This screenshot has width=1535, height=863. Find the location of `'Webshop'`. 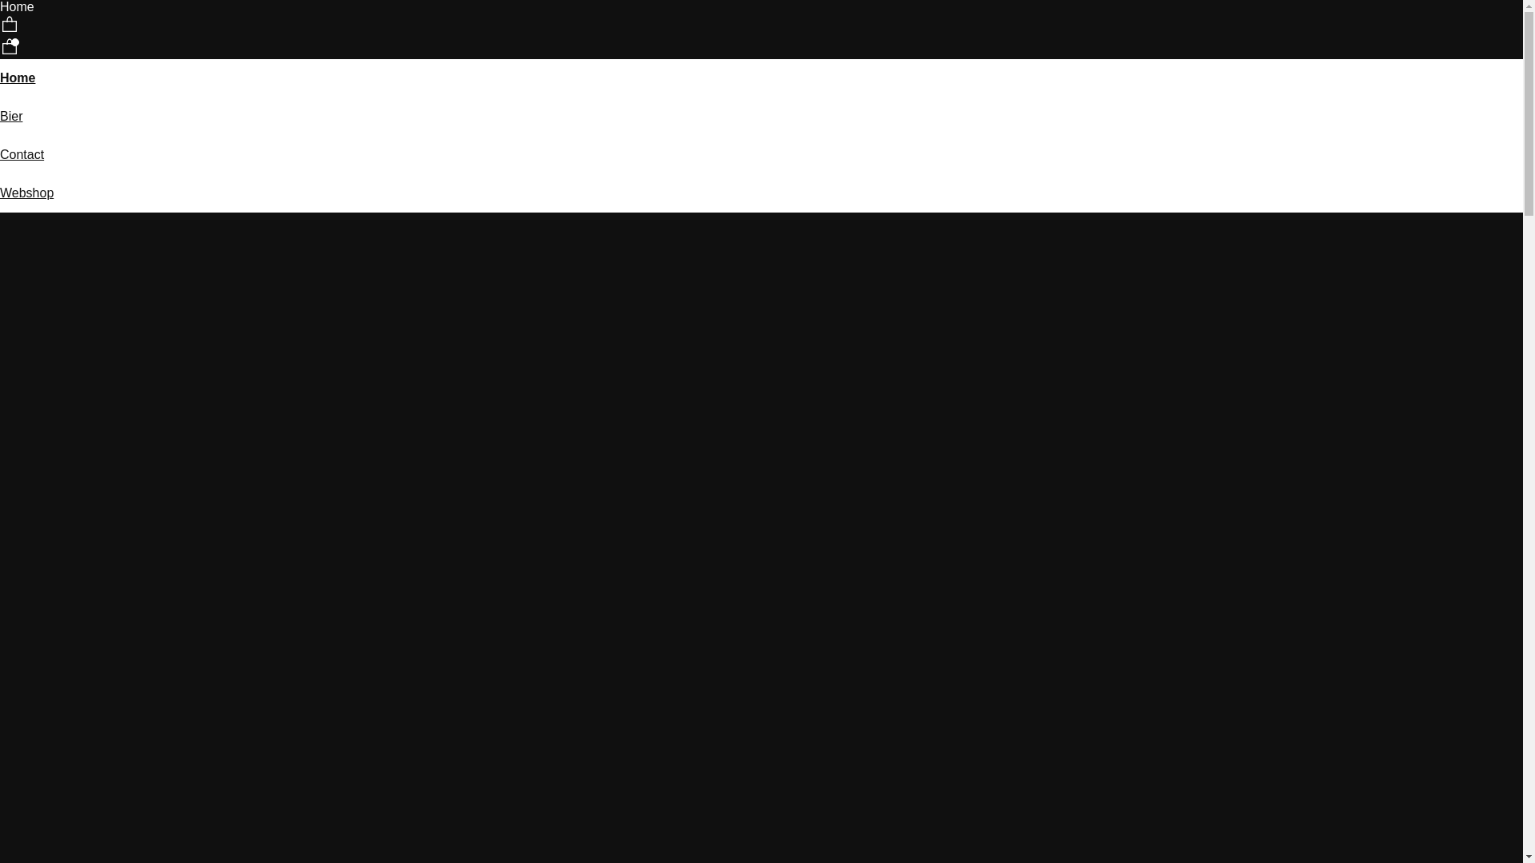

'Webshop' is located at coordinates (26, 192).